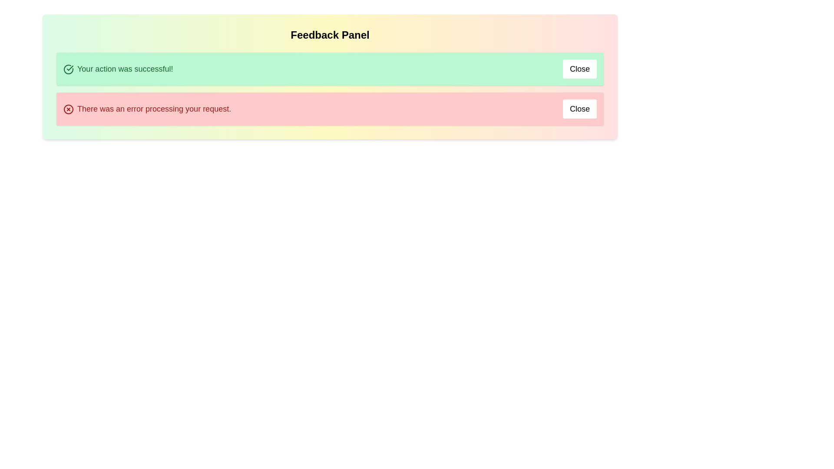  I want to click on error message from the notification banner located beneath the green success notification. This banner contains a dismiss button for user interaction, so click(329, 108).